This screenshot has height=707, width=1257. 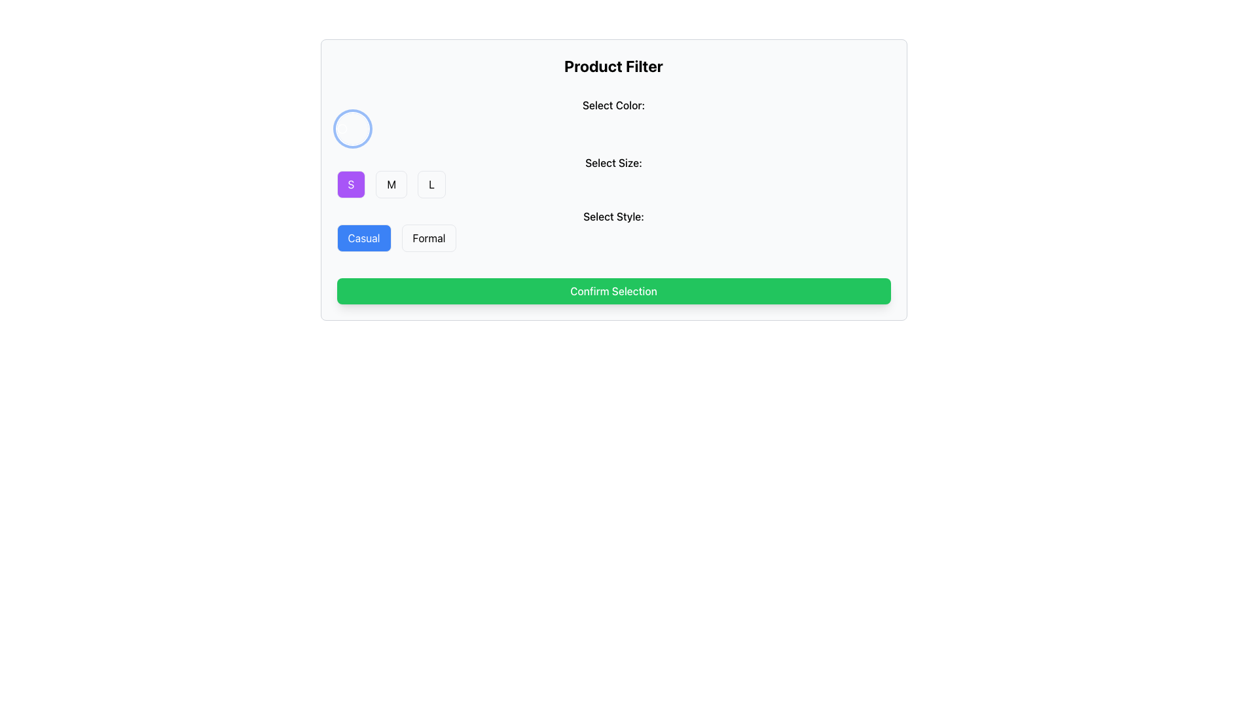 What do you see at coordinates (429, 238) in the screenshot?
I see `the 'Formal' style button located directly to the right of the 'Casual' button in the 'Select Style' section` at bounding box center [429, 238].